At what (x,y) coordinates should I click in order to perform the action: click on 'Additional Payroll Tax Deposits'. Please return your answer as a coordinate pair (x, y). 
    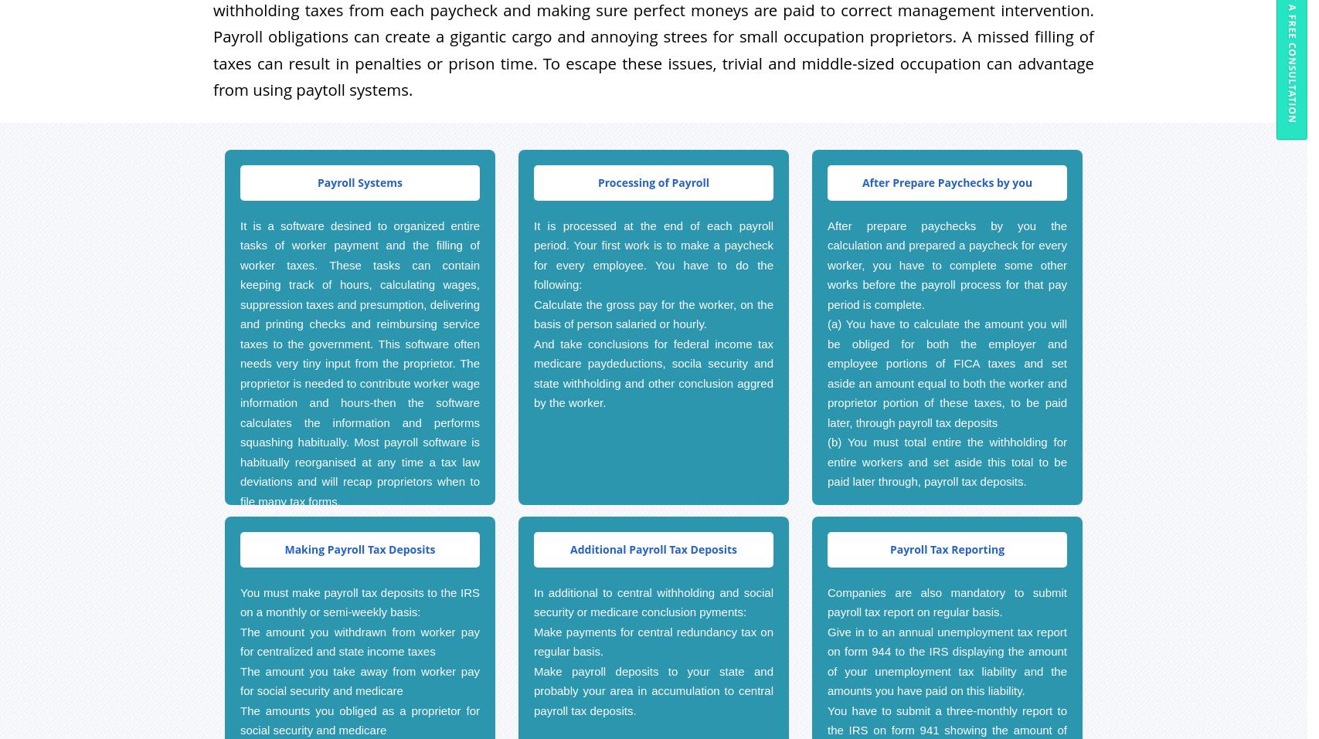
    Looking at the image, I should click on (653, 548).